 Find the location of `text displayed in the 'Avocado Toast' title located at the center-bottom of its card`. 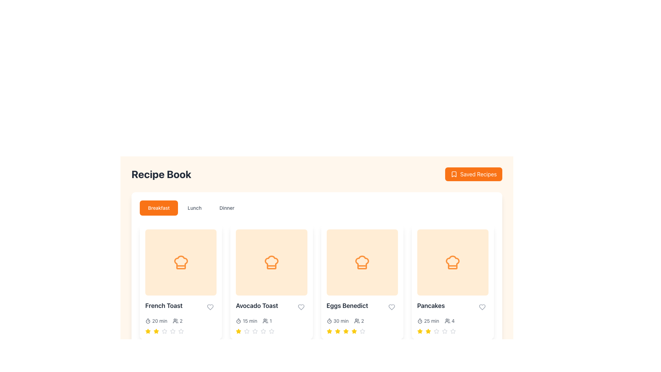

text displayed in the 'Avocado Toast' title located at the center-bottom of its card is located at coordinates (271, 307).